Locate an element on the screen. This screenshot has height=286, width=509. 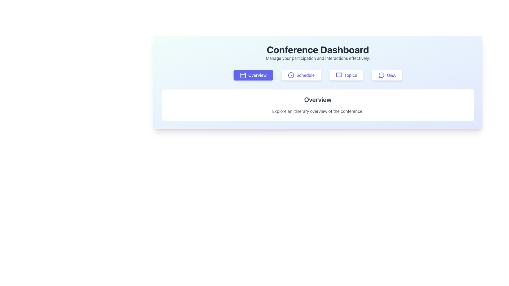
the third tab button labeled 'Topics' located below the 'Conference Dashboard' heading is located at coordinates (346, 75).